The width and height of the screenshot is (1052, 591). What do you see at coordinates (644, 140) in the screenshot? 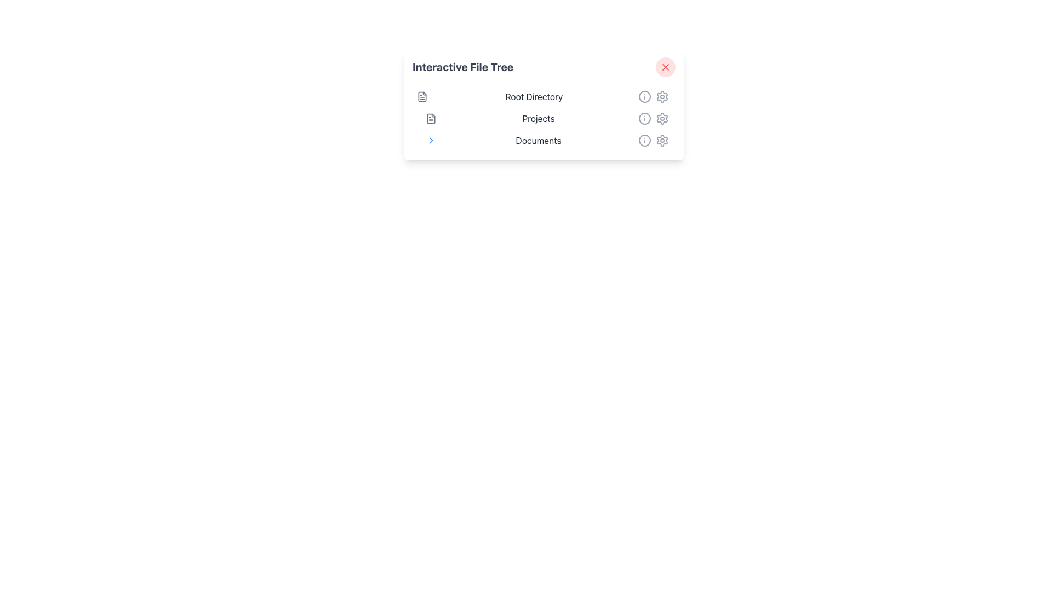
I see `the information icon next to the 'Documents' text in the vertical list, which is styled as a circular outline with a dot in the center and is gray in color` at bounding box center [644, 140].